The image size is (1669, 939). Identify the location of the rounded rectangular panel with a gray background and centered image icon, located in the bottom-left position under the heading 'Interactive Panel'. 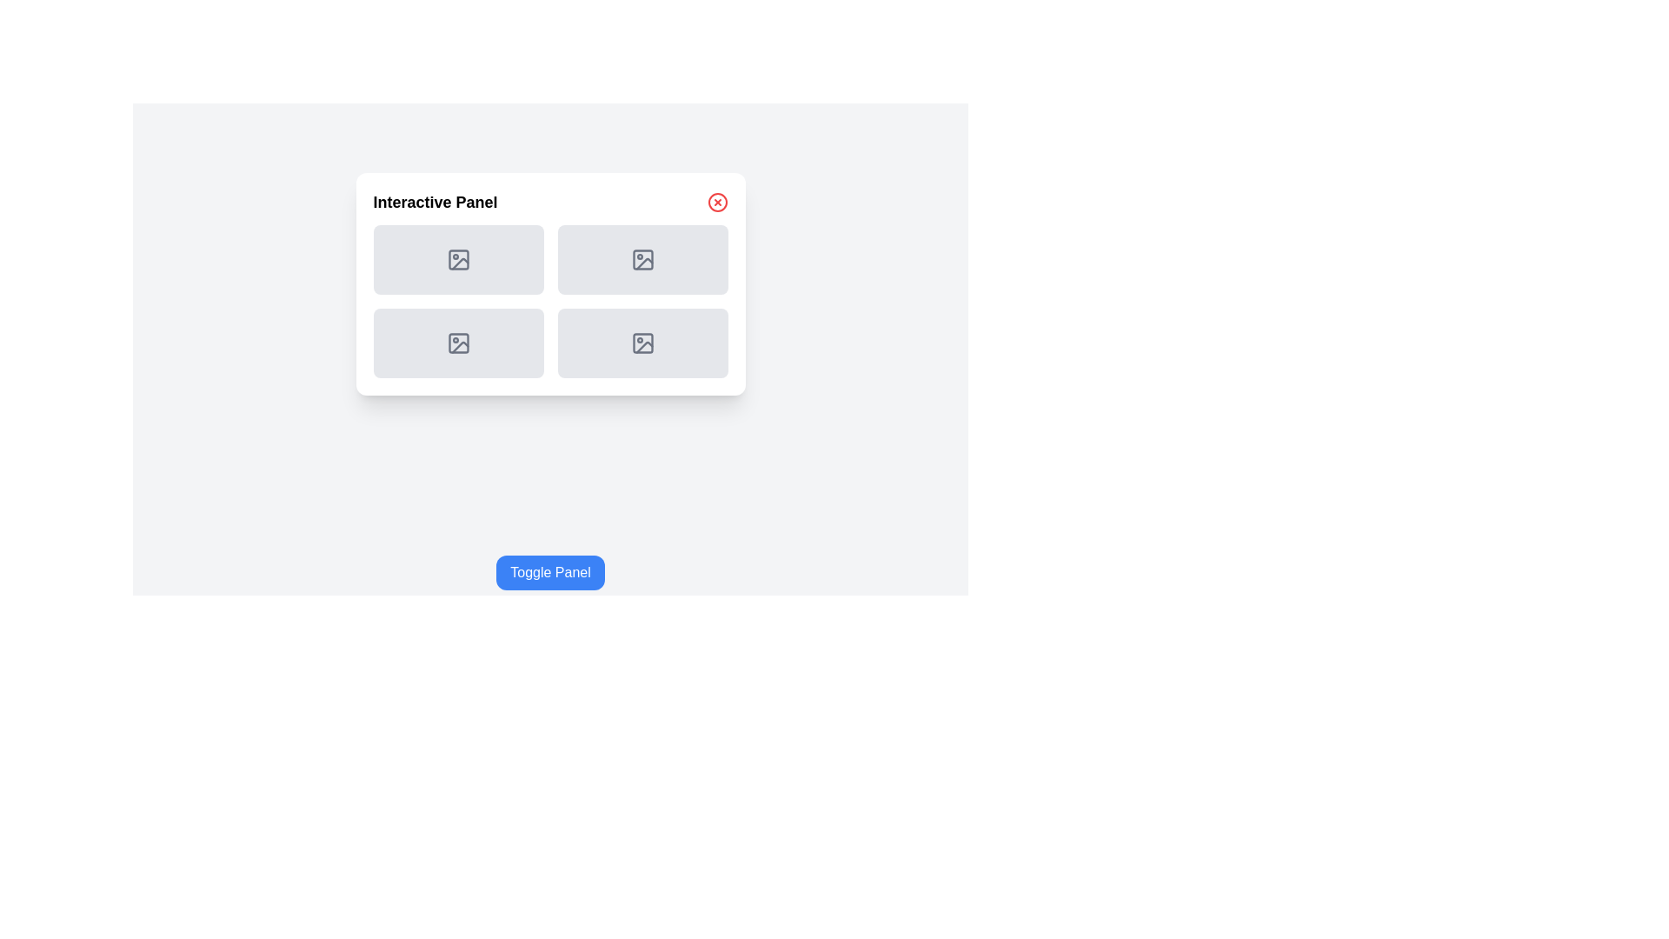
(458, 343).